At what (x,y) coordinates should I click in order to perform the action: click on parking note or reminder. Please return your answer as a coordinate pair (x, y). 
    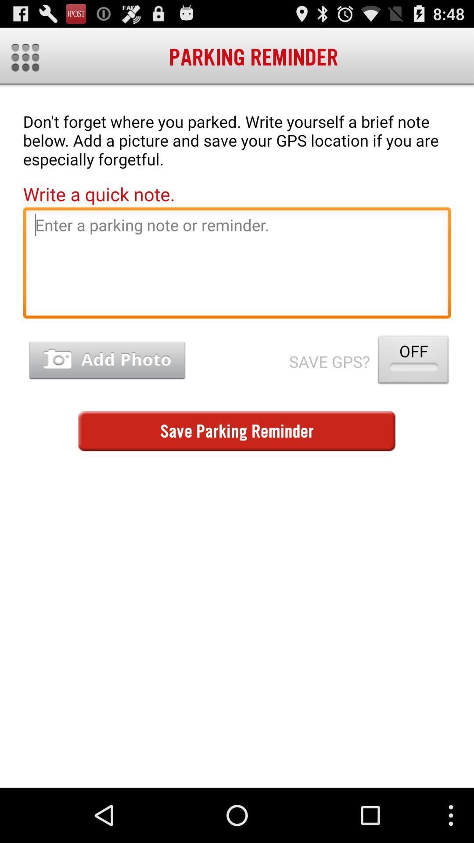
    Looking at the image, I should click on (237, 265).